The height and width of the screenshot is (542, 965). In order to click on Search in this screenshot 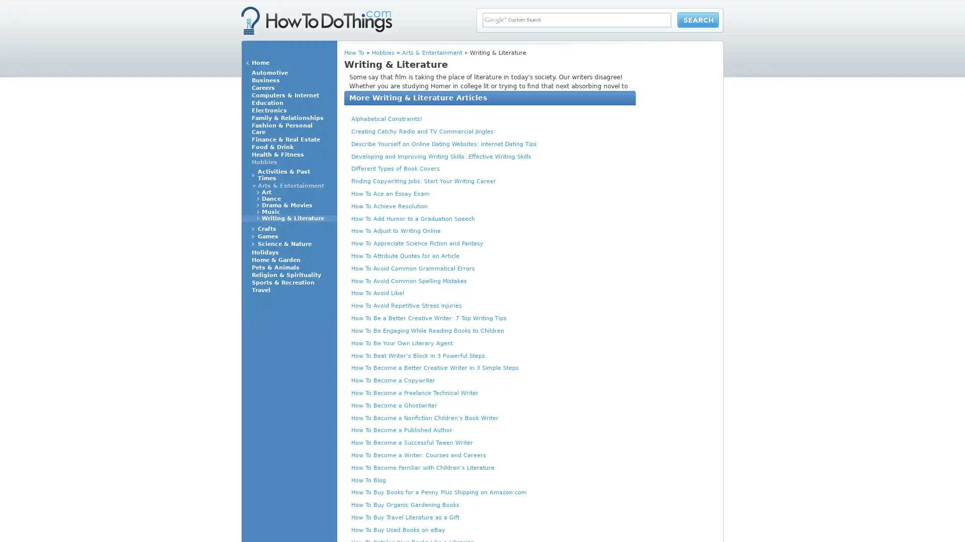, I will do `click(697, 20)`.